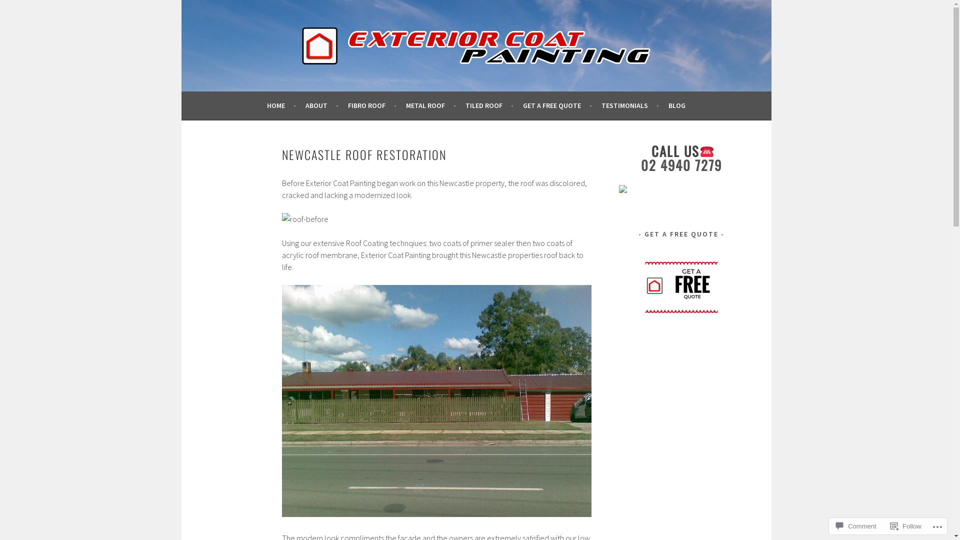  What do you see at coordinates (681, 164) in the screenshot?
I see `'02 4940 7279'` at bounding box center [681, 164].